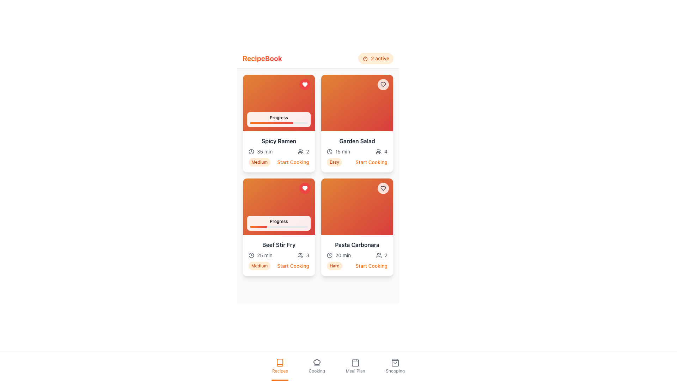 The image size is (677, 381). Describe the element at coordinates (378, 151) in the screenshot. I see `the group of users icon located in the top-right quadrant of the 'Garden Salad' card, adjacent to the number '4', to interpret the information contextually` at that location.